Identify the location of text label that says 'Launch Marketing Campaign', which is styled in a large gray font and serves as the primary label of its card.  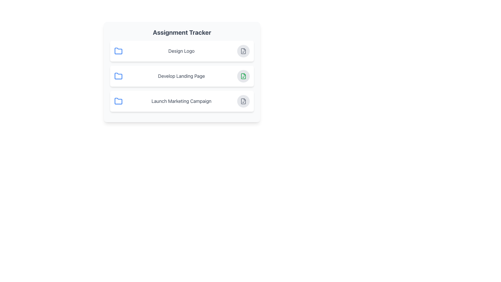
(181, 101).